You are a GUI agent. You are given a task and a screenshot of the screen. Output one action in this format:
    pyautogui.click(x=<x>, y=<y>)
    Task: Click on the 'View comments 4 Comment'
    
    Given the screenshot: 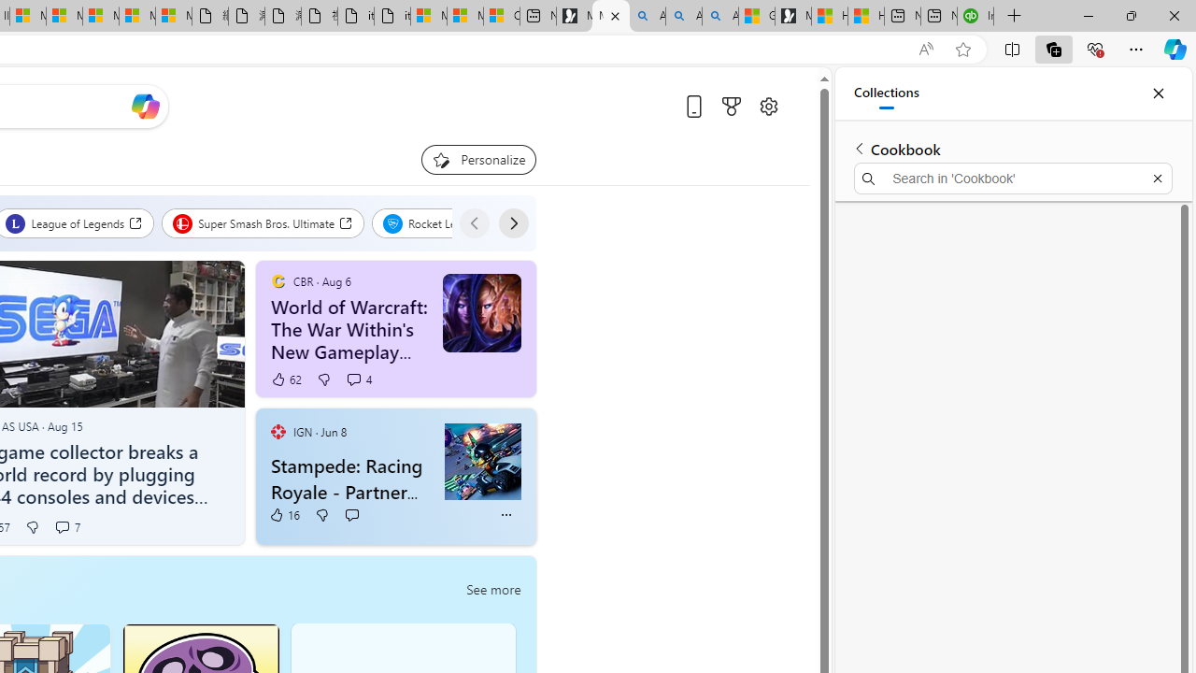 What is the action you would take?
    pyautogui.click(x=359, y=379)
    